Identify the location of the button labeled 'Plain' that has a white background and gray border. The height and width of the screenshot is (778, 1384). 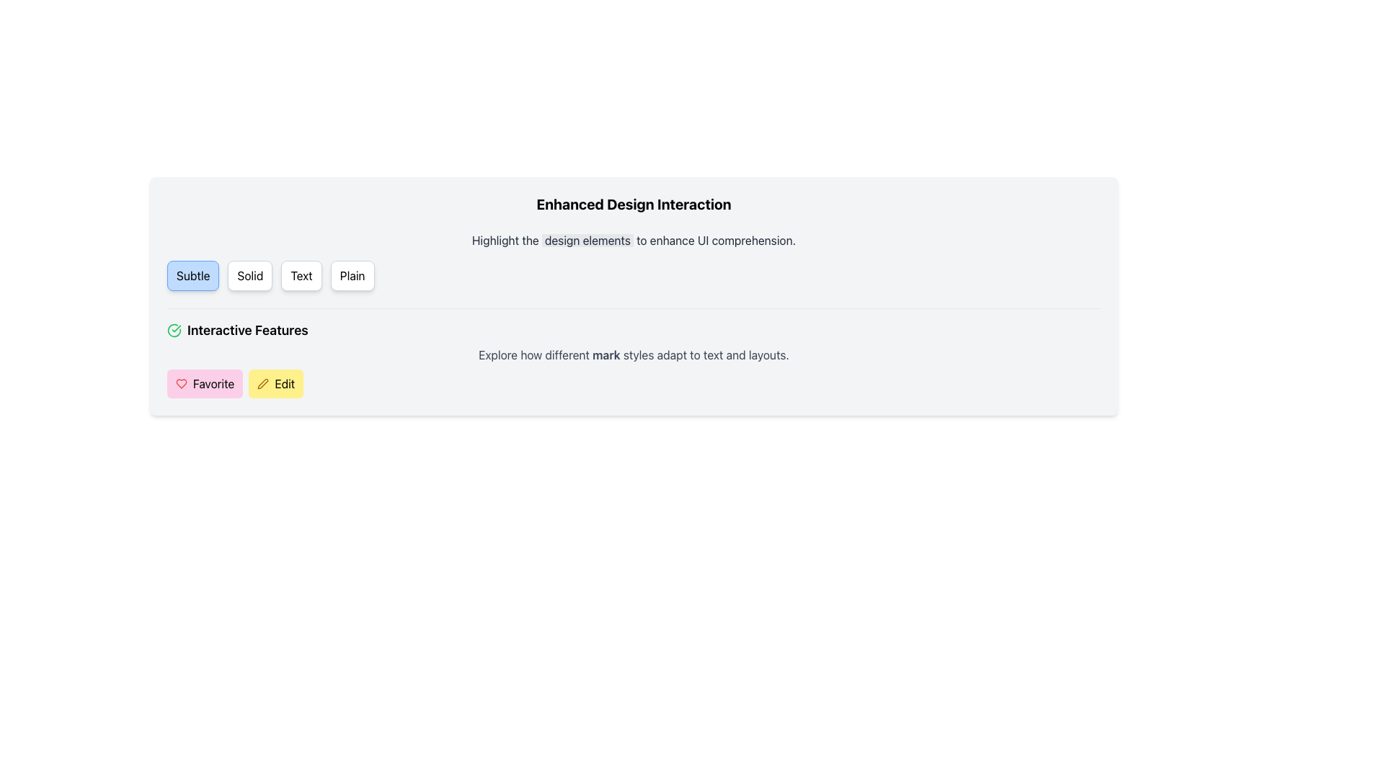
(352, 275).